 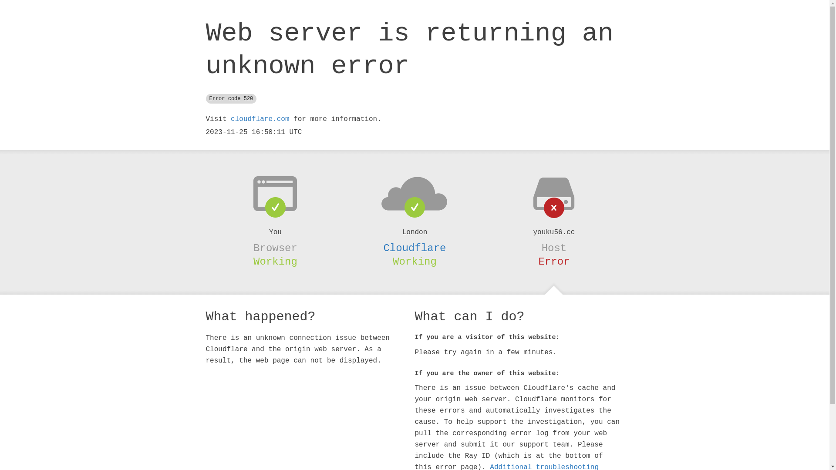 What do you see at coordinates (414, 248) in the screenshot?
I see `'Cloudflare'` at bounding box center [414, 248].